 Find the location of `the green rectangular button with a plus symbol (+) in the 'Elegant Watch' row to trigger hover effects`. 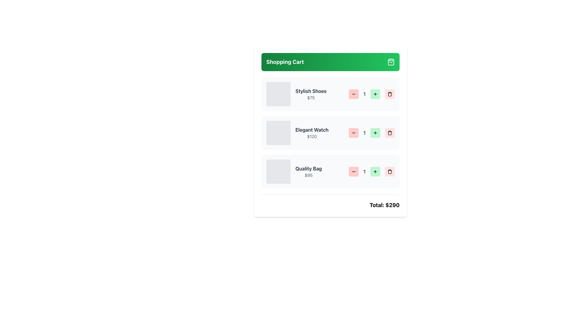

the green rectangular button with a plus symbol (+) in the 'Elegant Watch' row to trigger hover effects is located at coordinates (371, 133).